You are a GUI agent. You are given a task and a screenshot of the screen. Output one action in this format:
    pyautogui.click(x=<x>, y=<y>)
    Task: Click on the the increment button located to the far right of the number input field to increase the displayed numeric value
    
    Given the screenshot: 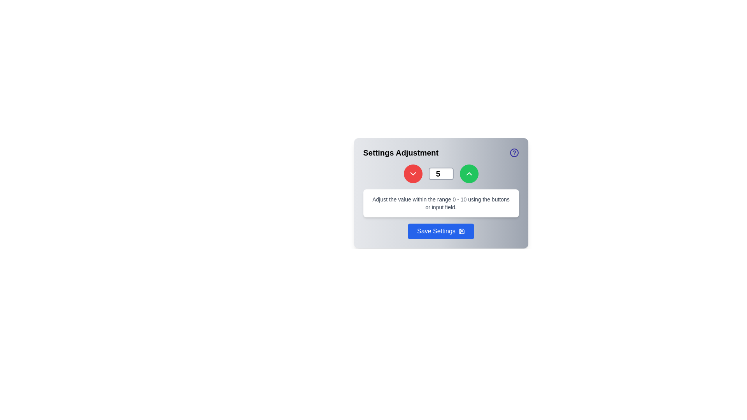 What is the action you would take?
    pyautogui.click(x=468, y=173)
    